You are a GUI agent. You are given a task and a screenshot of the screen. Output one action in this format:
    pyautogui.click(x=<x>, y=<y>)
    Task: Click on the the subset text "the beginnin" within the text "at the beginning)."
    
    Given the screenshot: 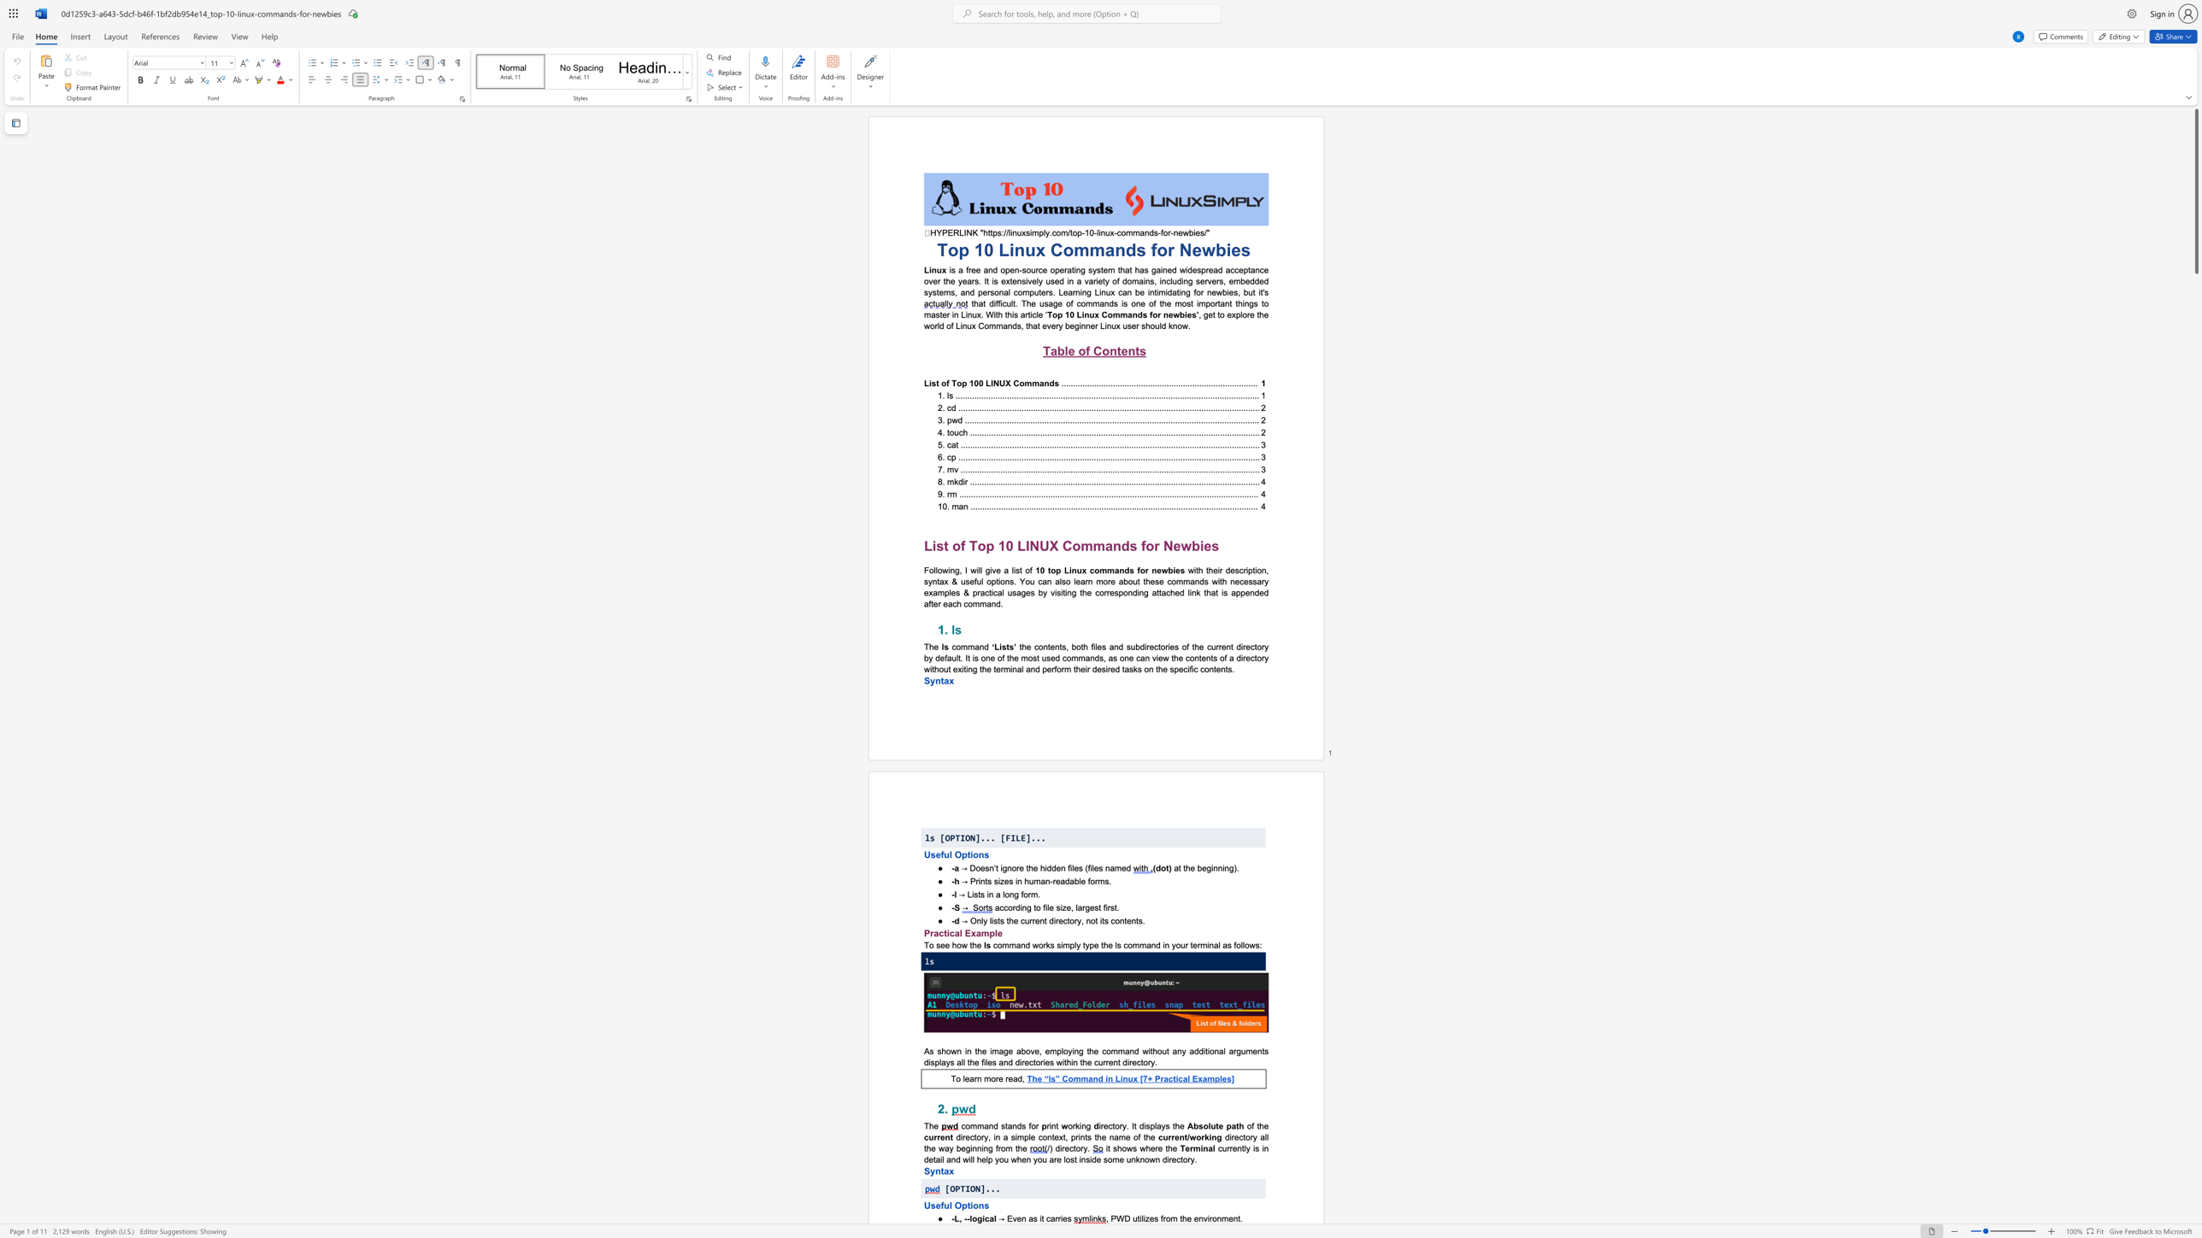 What is the action you would take?
    pyautogui.click(x=1182, y=866)
    